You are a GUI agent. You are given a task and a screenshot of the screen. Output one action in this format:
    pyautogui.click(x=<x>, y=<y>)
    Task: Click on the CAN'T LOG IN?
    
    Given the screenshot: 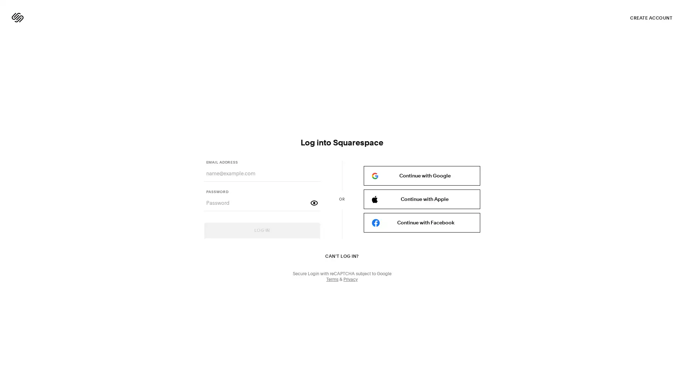 What is the action you would take?
    pyautogui.click(x=341, y=256)
    